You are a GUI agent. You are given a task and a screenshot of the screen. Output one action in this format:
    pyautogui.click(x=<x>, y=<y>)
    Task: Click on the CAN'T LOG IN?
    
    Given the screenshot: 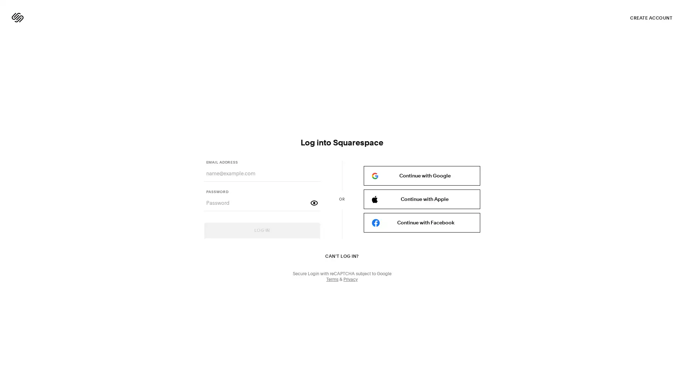 What is the action you would take?
    pyautogui.click(x=341, y=256)
    